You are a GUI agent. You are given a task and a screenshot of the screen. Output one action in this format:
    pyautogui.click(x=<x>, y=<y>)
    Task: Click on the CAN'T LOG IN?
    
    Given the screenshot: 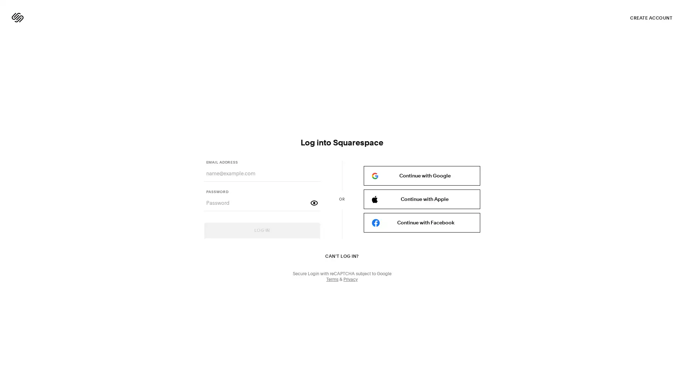 What is the action you would take?
    pyautogui.click(x=341, y=256)
    